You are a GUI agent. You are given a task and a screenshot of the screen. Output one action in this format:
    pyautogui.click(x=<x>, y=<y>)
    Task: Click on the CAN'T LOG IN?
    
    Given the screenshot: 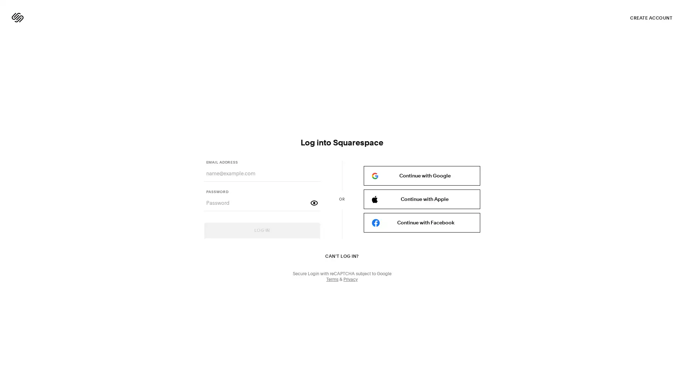 What is the action you would take?
    pyautogui.click(x=341, y=256)
    